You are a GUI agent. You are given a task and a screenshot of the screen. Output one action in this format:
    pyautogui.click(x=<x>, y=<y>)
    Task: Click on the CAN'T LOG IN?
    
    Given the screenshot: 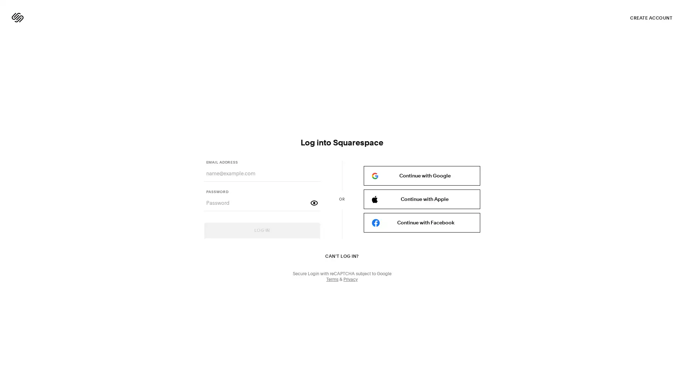 What is the action you would take?
    pyautogui.click(x=341, y=256)
    